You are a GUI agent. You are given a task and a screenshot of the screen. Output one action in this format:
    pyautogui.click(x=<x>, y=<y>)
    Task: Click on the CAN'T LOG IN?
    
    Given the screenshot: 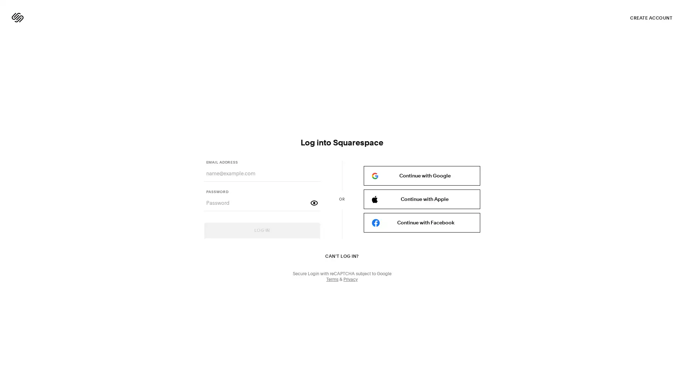 What is the action you would take?
    pyautogui.click(x=341, y=256)
    